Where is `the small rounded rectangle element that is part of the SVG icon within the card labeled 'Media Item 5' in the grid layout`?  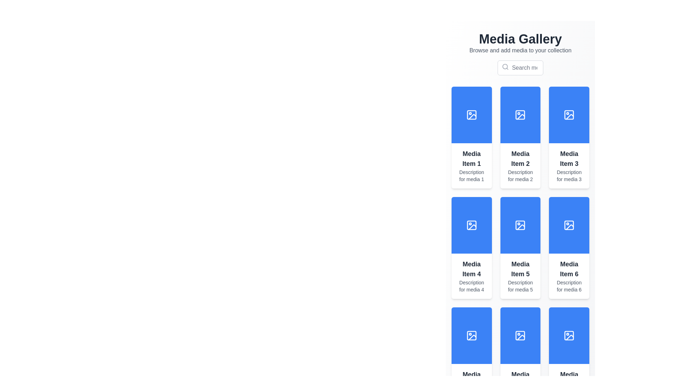 the small rounded rectangle element that is part of the SVG icon within the card labeled 'Media Item 5' in the grid layout is located at coordinates (520, 225).